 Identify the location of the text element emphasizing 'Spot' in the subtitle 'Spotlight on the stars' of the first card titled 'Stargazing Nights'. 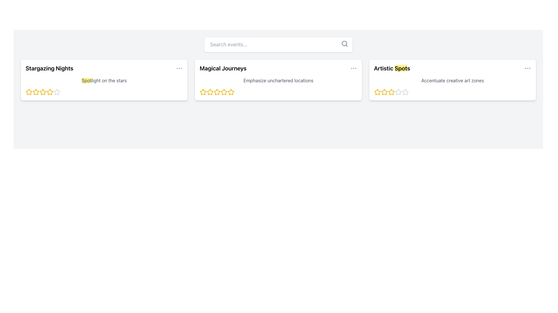
(86, 80).